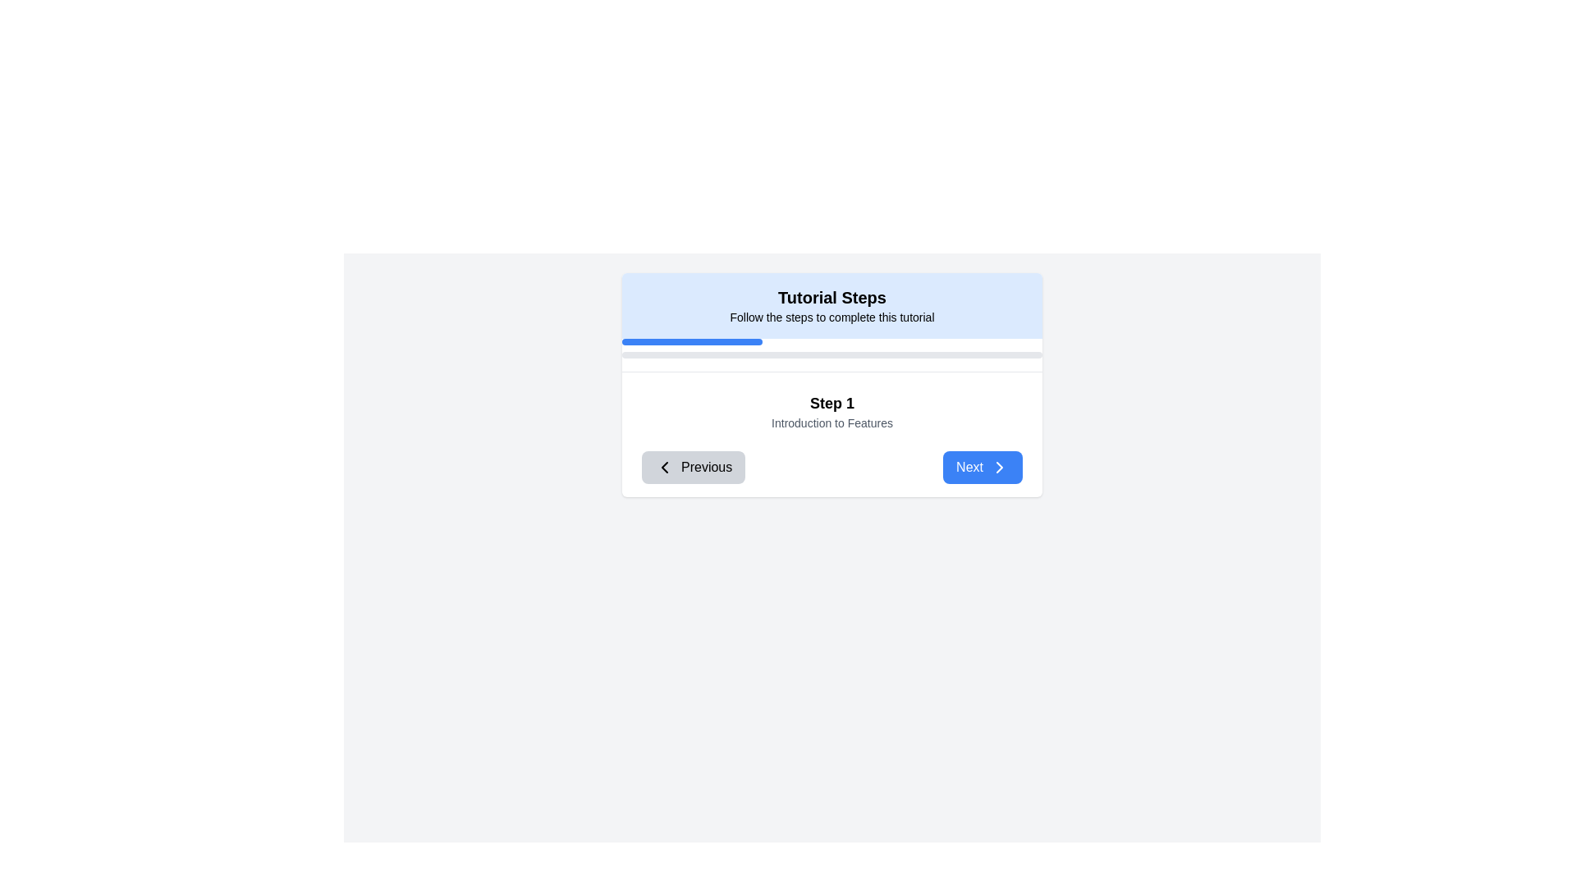  I want to click on the blue progress indicator bar located at the top of the tutorial step card, which has rounded edges and is partially filled within a gray background, so click(692, 340).